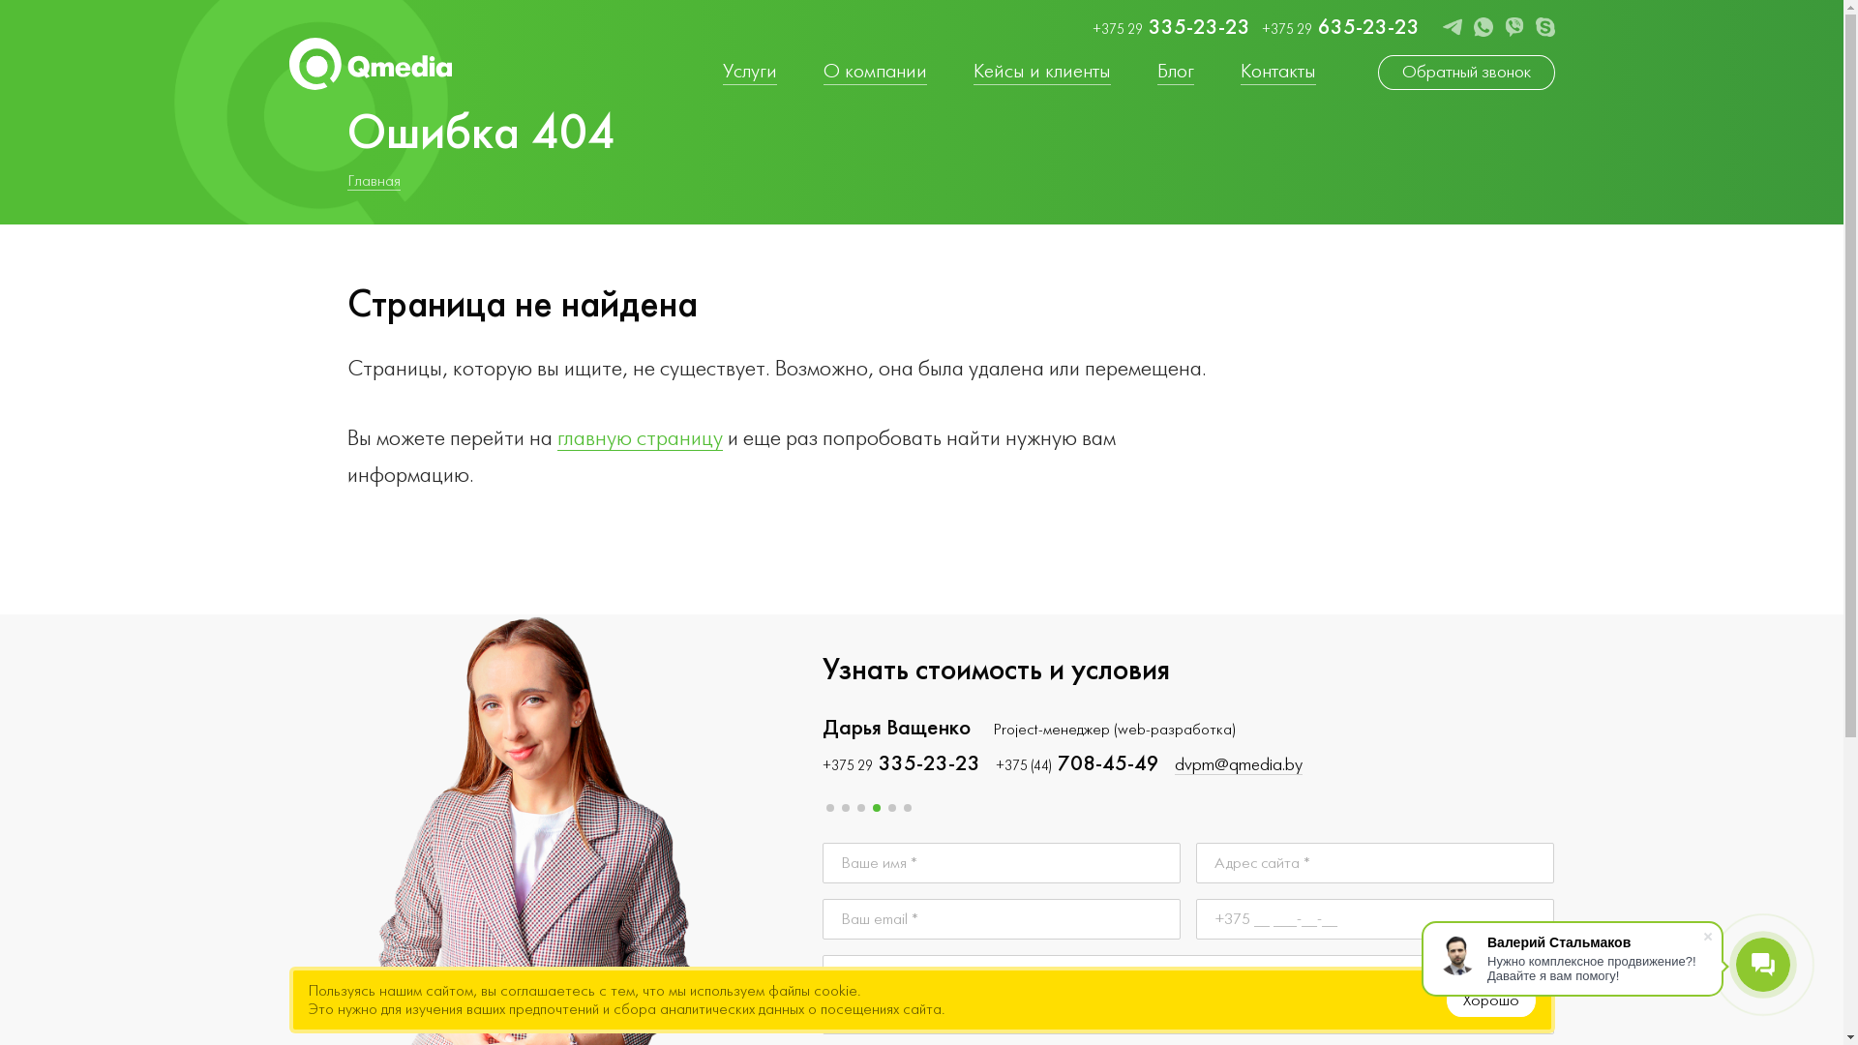 The image size is (1858, 1045). I want to click on '+375 29', so click(1632, 763).